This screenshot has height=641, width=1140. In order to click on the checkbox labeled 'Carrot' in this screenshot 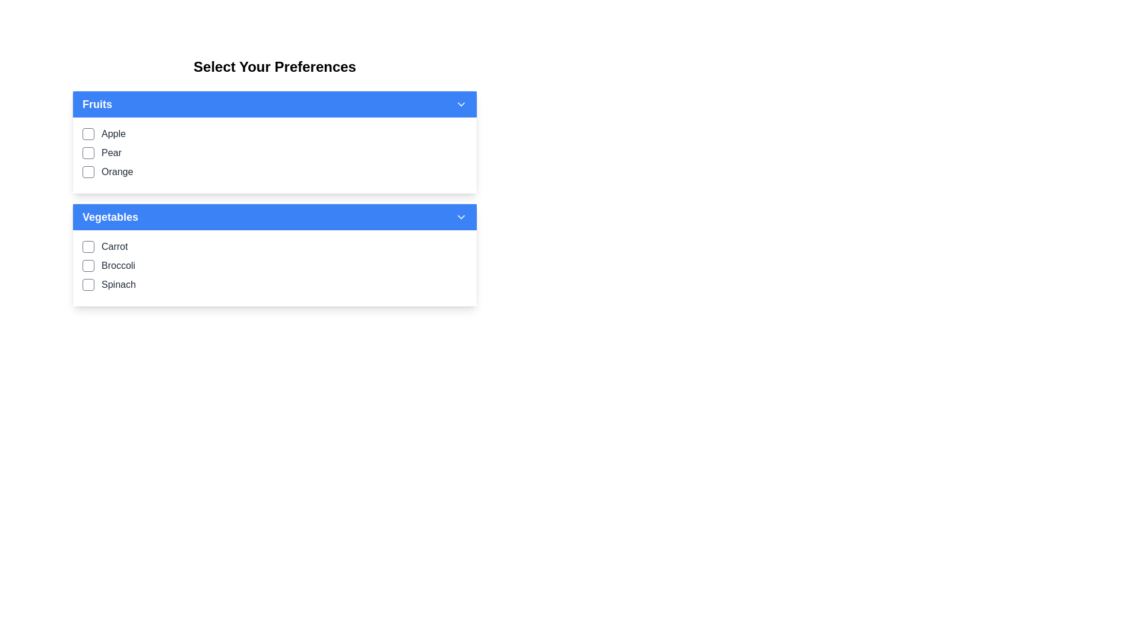, I will do `click(274, 246)`.